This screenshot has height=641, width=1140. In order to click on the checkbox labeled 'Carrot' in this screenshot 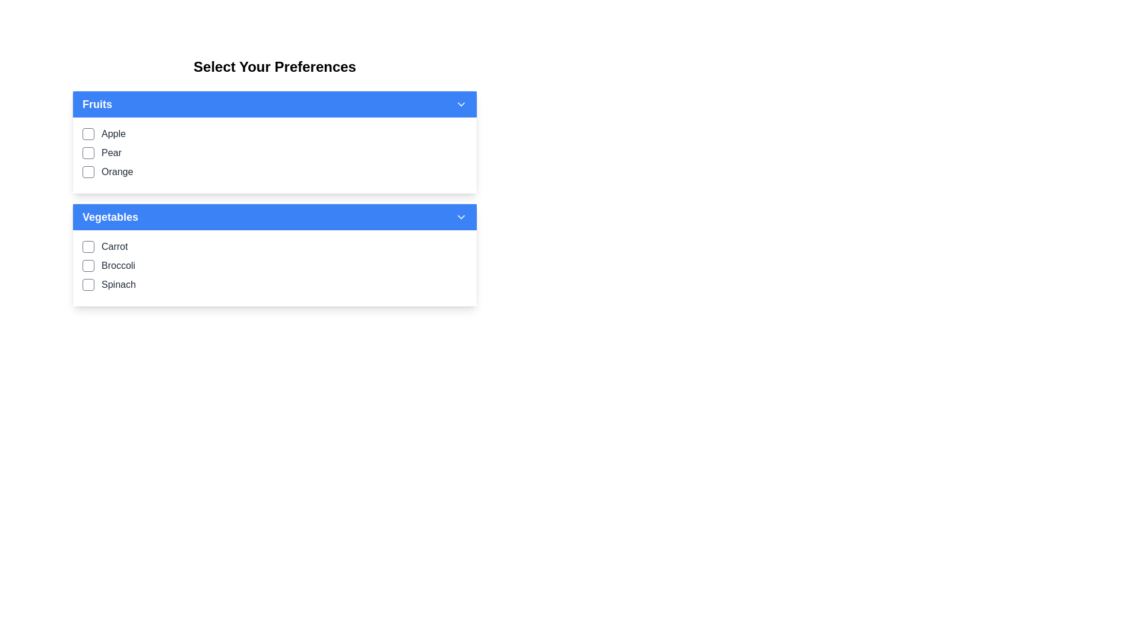, I will do `click(274, 246)`.